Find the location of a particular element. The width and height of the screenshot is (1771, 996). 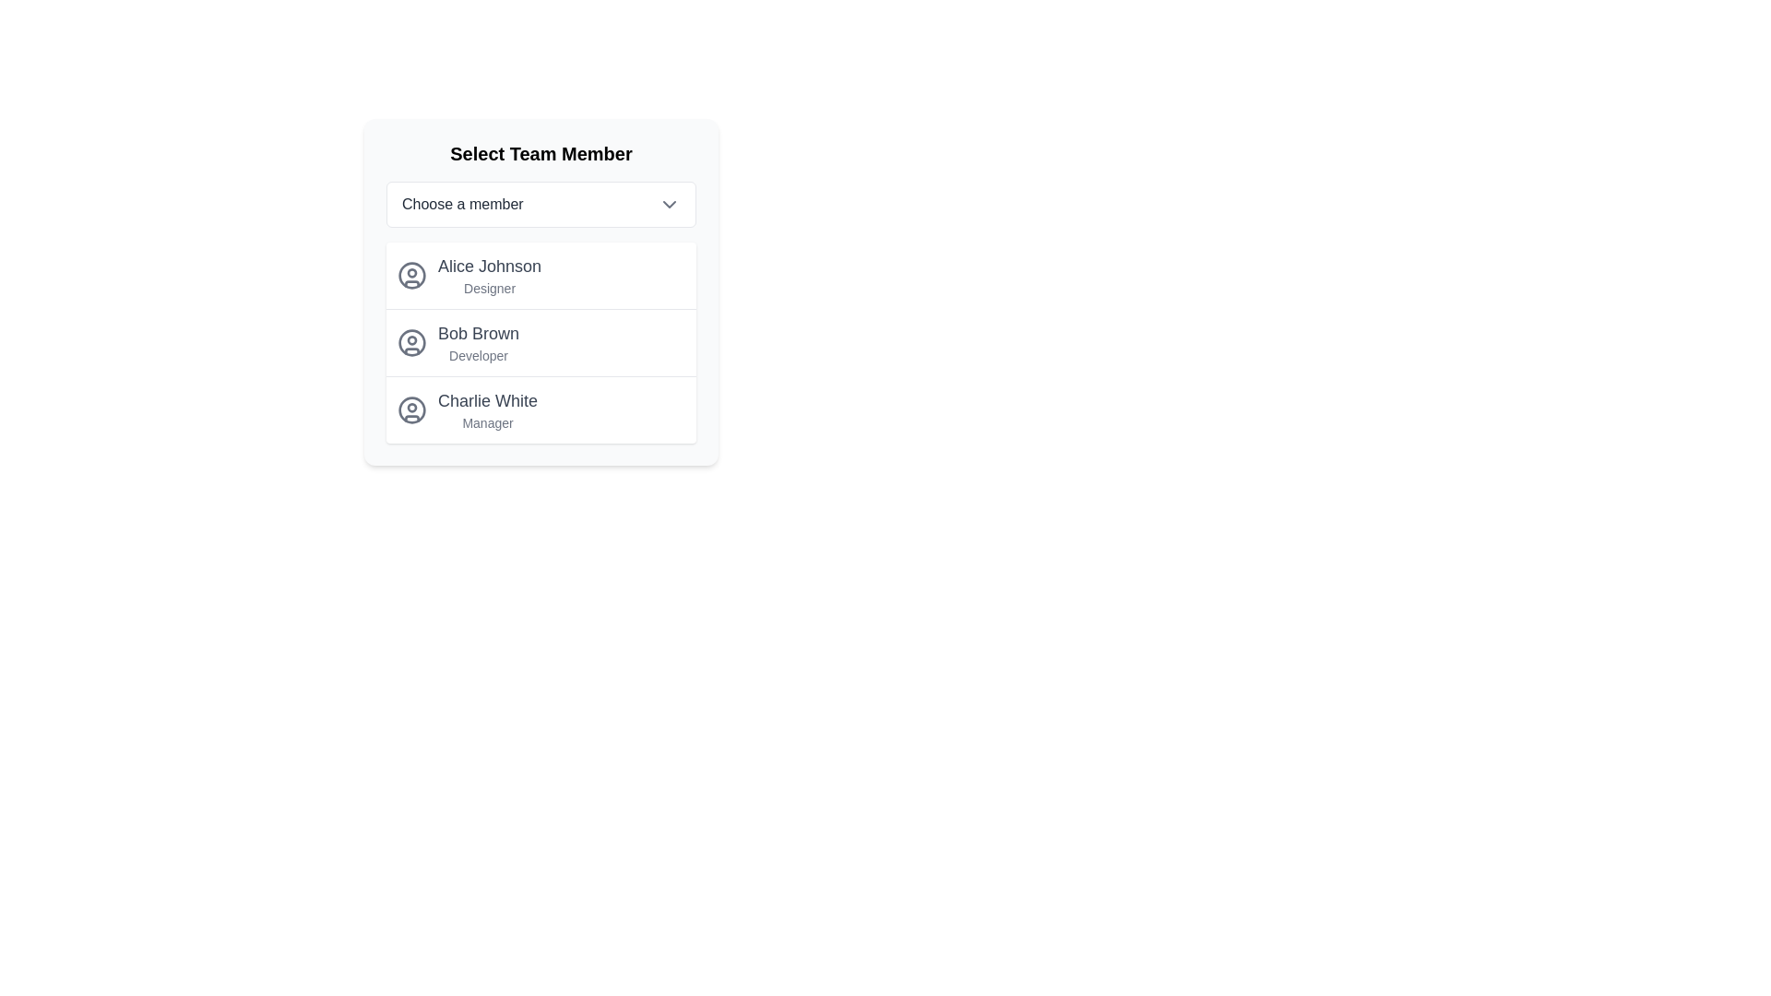

the text label displaying the name of the team member, which is the third item in the 'Select Team Member' list and is labeled 'Manager' is located at coordinates (487, 400).